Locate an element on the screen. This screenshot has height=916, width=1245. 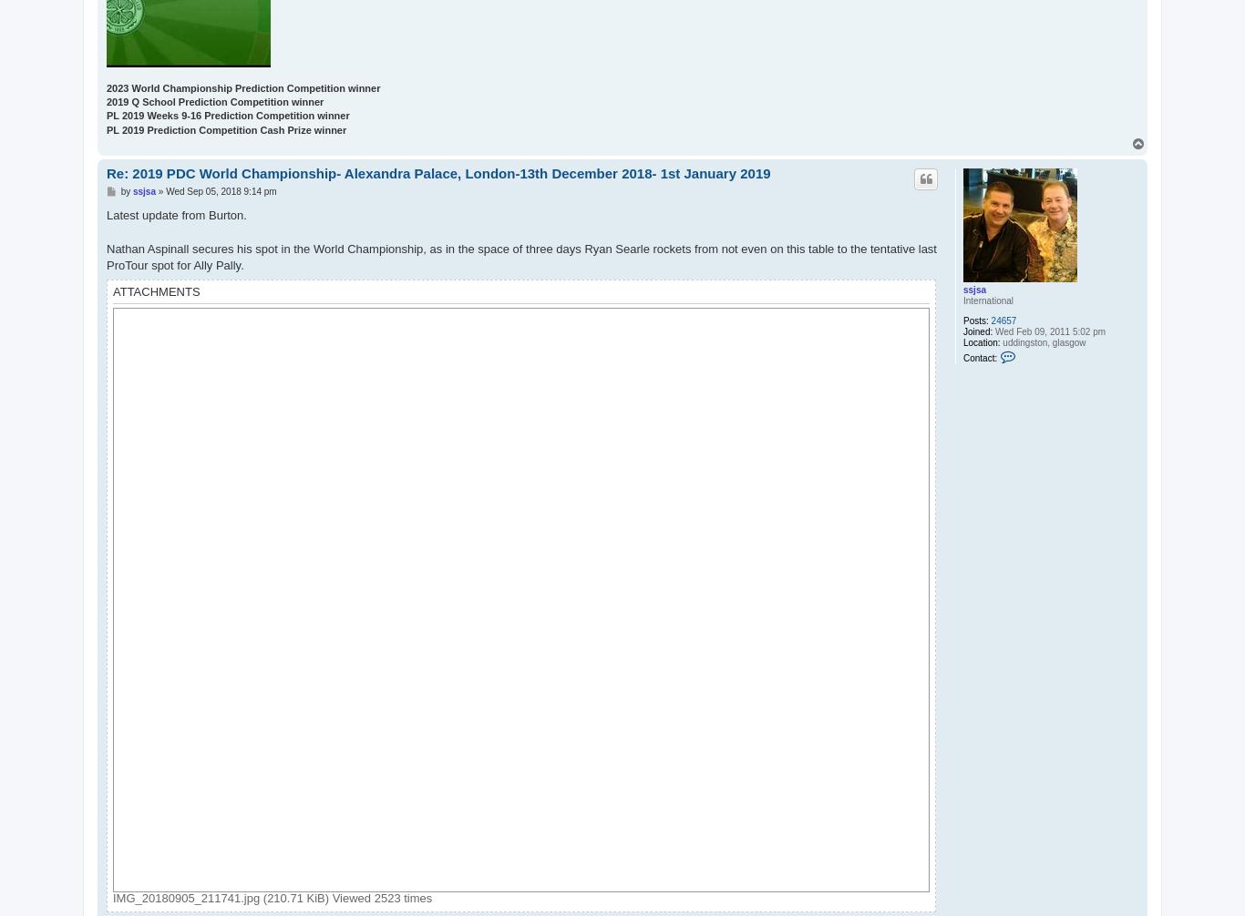
'24657' is located at coordinates (1002, 320).